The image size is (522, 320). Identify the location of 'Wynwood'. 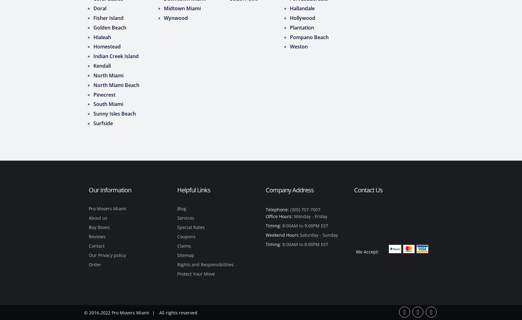
(164, 17).